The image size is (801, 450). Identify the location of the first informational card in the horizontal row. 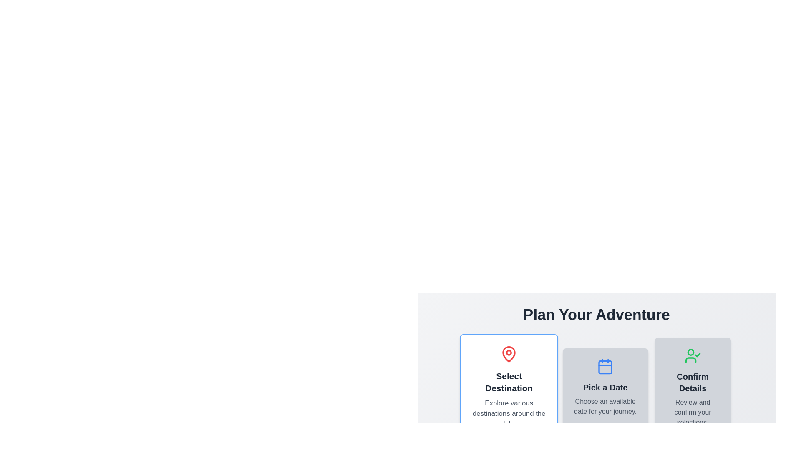
(509, 387).